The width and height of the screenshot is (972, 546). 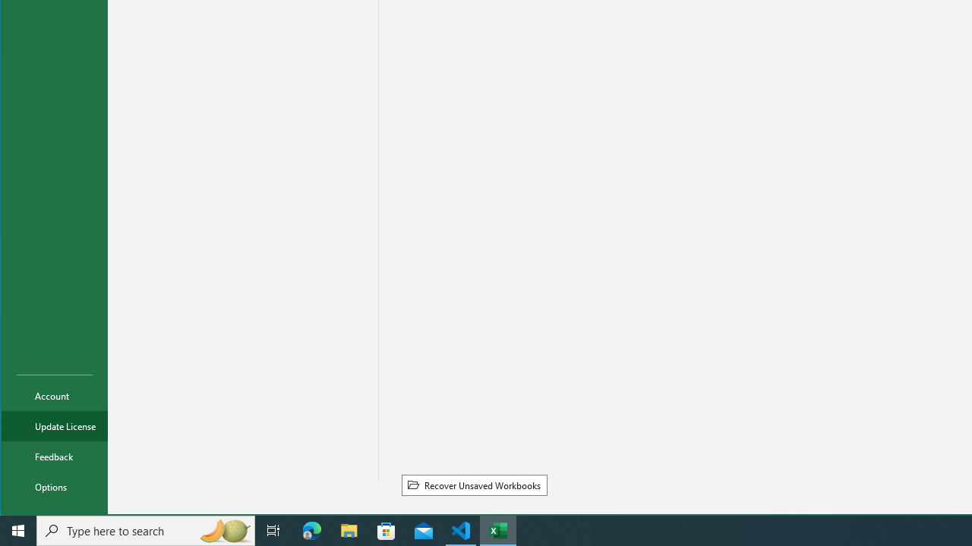 What do you see at coordinates (18, 529) in the screenshot?
I see `'Start'` at bounding box center [18, 529].